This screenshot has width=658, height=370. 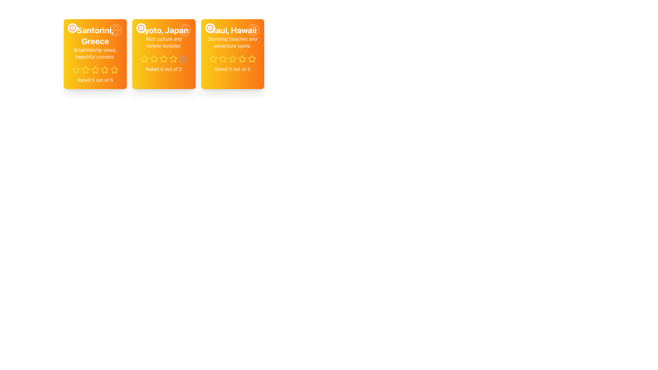 What do you see at coordinates (251, 58) in the screenshot?
I see `the fifth star icon` at bounding box center [251, 58].